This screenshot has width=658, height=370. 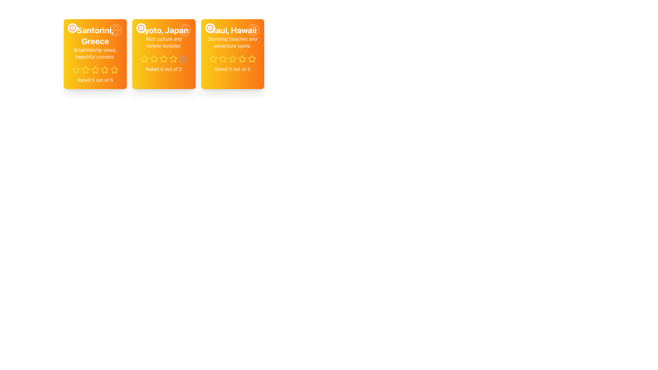 What do you see at coordinates (251, 58) in the screenshot?
I see `the fifth star icon` at bounding box center [251, 58].